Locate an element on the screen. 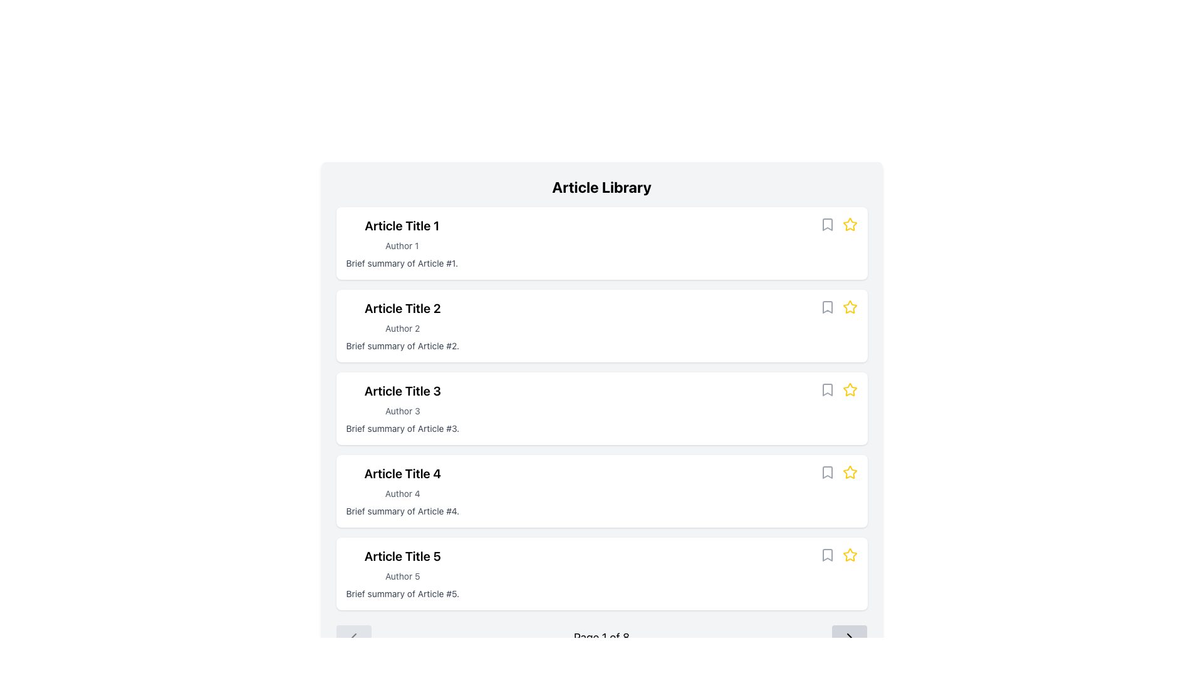  the Text Label that indicates the author of the associated article, positioned below 'Article Title 5' and above the summary text 'Brief summary of Article #5' is located at coordinates (402, 576).